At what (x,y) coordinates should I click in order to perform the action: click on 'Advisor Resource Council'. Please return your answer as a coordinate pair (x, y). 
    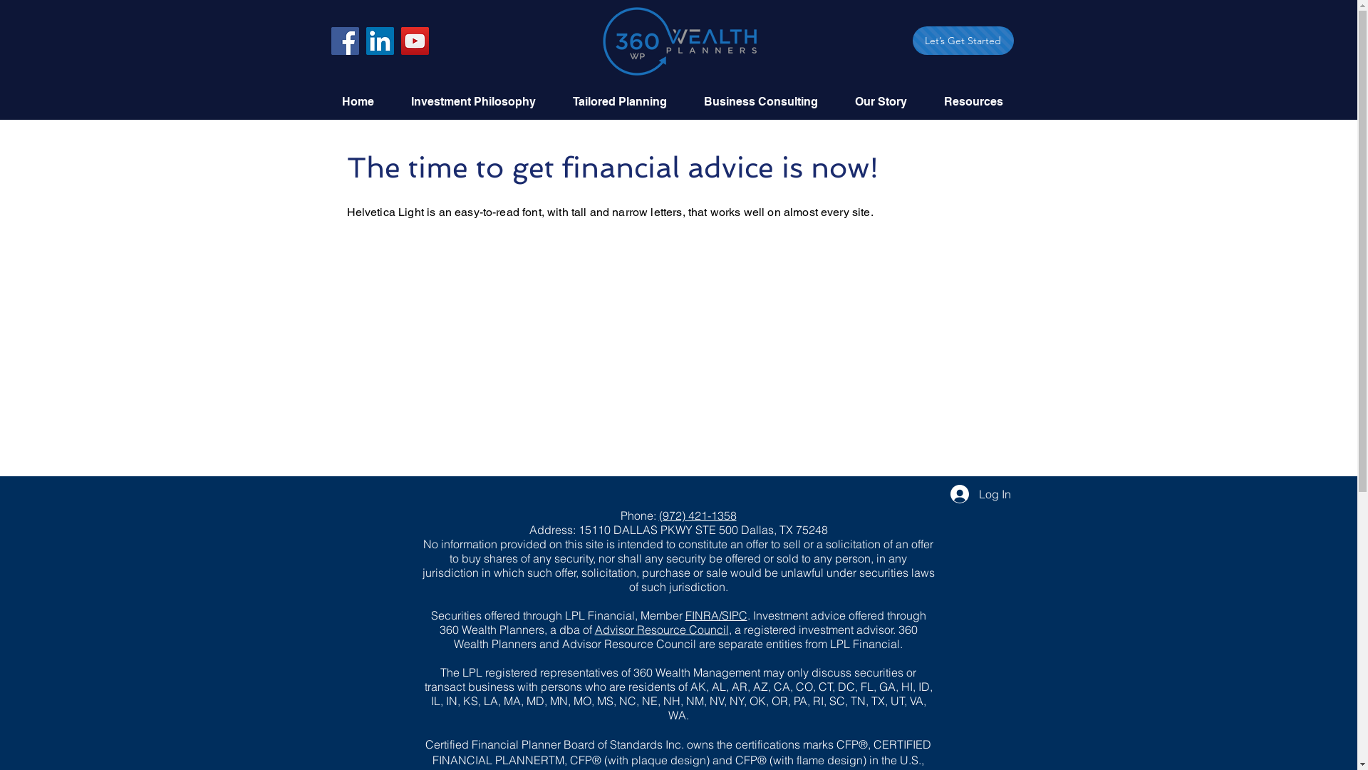
    Looking at the image, I should click on (660, 629).